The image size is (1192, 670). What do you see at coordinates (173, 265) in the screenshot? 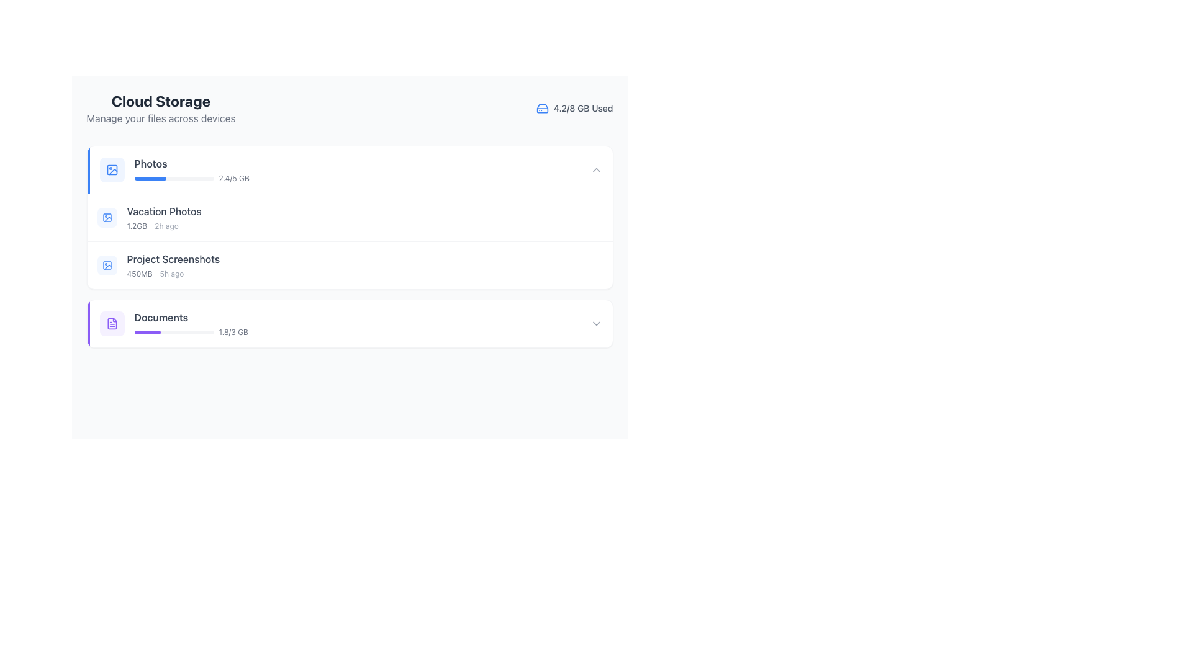
I see `the information displayed in the Information Display Block titled 'Project Screenshots', which includes the details '450MB 5h ago'` at bounding box center [173, 265].